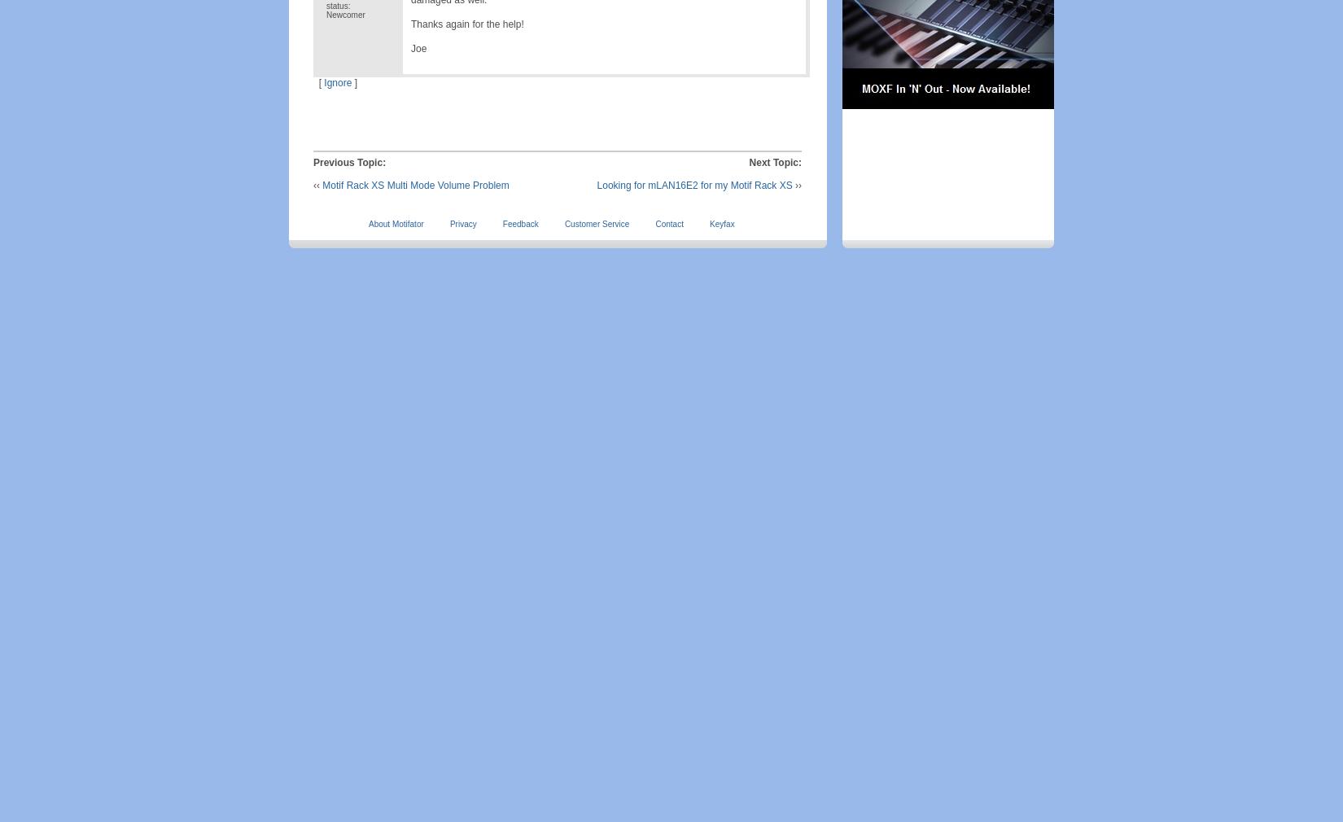  What do you see at coordinates (344, 10) in the screenshot?
I see `'status: Newcomer'` at bounding box center [344, 10].